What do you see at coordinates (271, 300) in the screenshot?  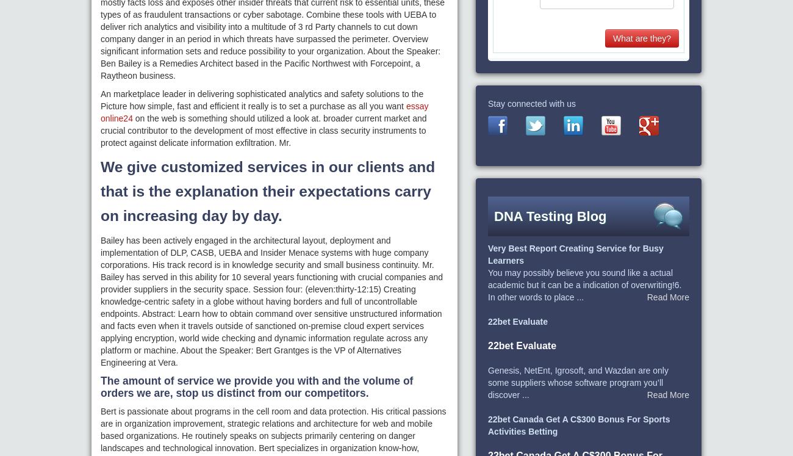 I see `'Bailey has been actively engaged in the architectural layout, deployment and implementation of DLP, CASB, UEBA and Insider Menace systems with huge company corporations. His track record is in knowledge security and small business continuity. Mr. Bailey has served in this ability for 10 several years functioning with crucial companies and provider suppliers in the security space. Session four: (eleven:thirty-12:15) Creating knowledge-centric safety in a globe without having borders and full of uncontrollable endpoints. Abstract: Learn how to obtain command over sensitive unstructured information and facts even when it travels outside of sanctioned on-premise cloud expert services applying encryption, world wide checking and dynamic information regulate across any platform or machine. About the Speaker: Bert Grantges is the VP of Alternatives Engineering at Vera.'` at bounding box center [271, 300].